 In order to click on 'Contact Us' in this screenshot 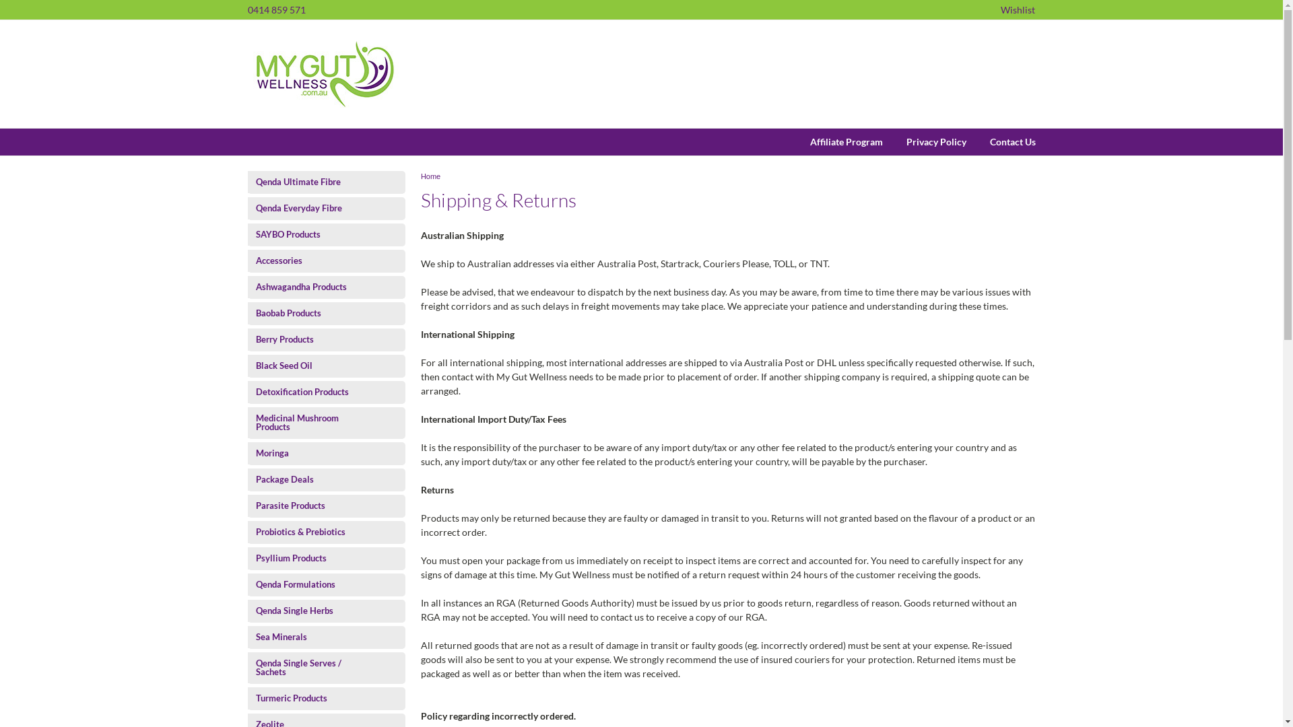, I will do `click(1000, 142)`.